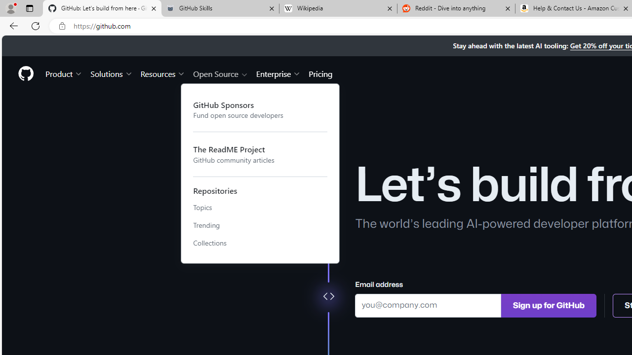  What do you see at coordinates (428, 305) in the screenshot?
I see `'Email address'` at bounding box center [428, 305].